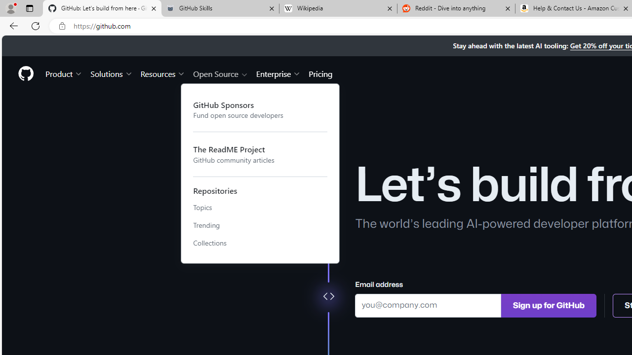  What do you see at coordinates (428, 305) in the screenshot?
I see `'Email address'` at bounding box center [428, 305].